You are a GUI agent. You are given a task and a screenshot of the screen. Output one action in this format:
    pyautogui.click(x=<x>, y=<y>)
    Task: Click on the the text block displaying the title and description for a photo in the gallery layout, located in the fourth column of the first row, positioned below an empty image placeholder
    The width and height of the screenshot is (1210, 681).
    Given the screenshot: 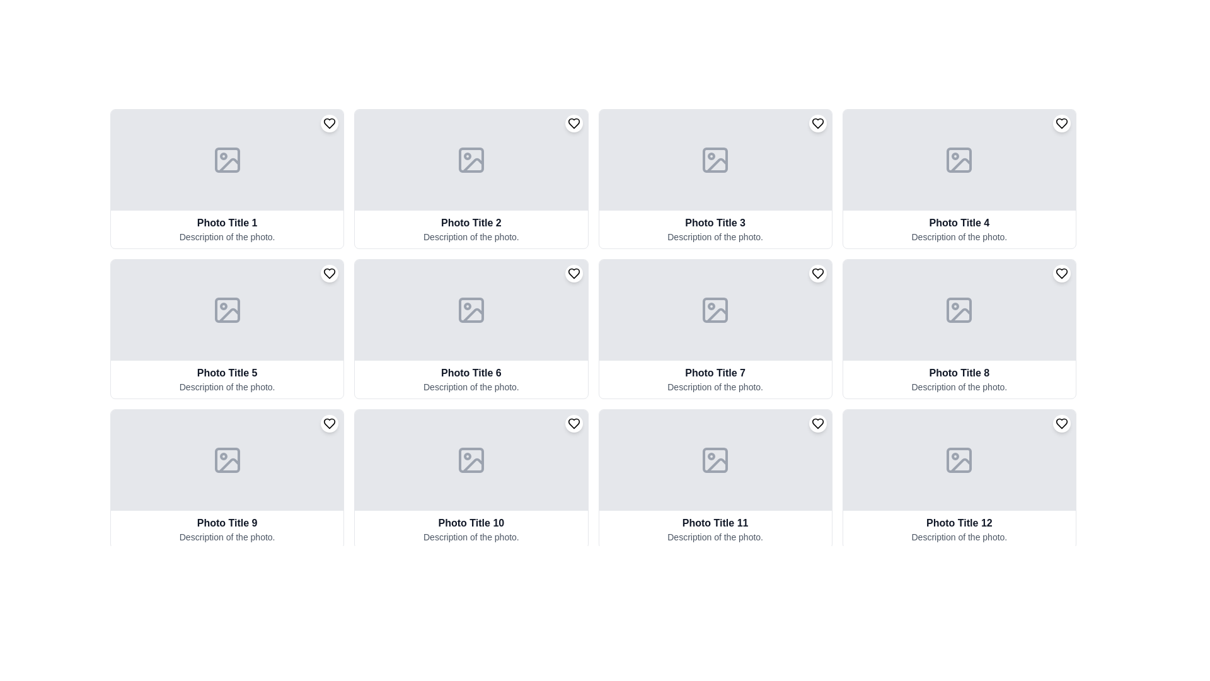 What is the action you would take?
    pyautogui.click(x=959, y=229)
    